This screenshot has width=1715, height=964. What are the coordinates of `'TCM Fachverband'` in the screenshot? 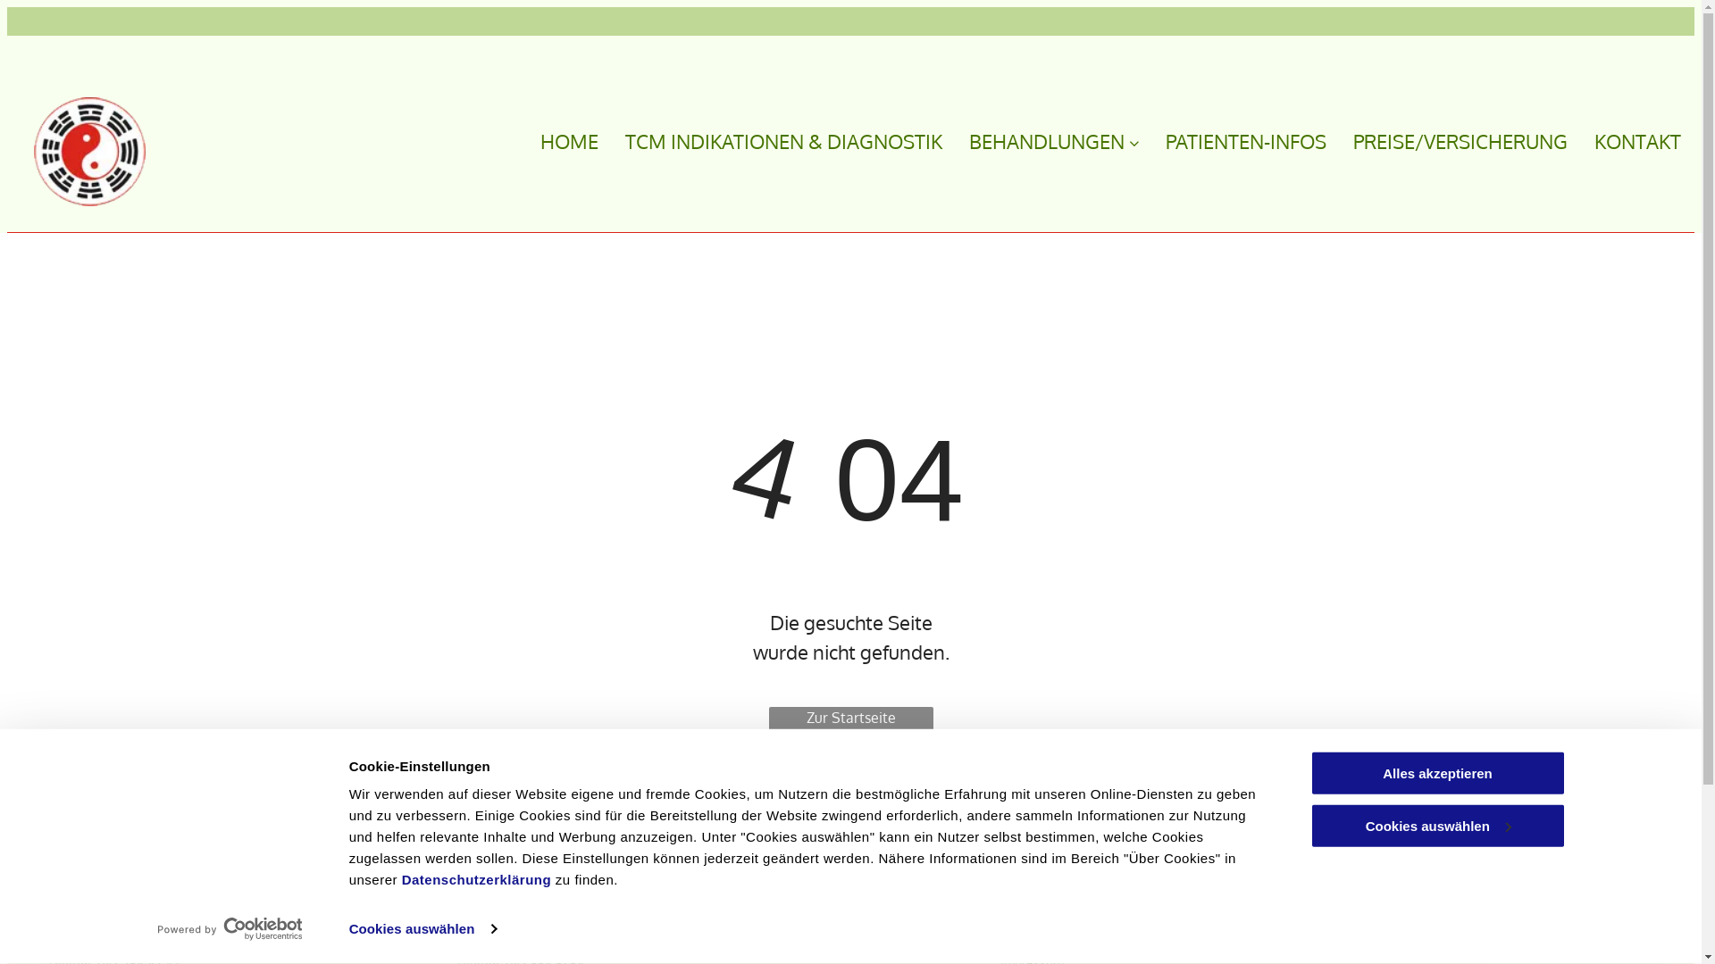 It's located at (999, 886).